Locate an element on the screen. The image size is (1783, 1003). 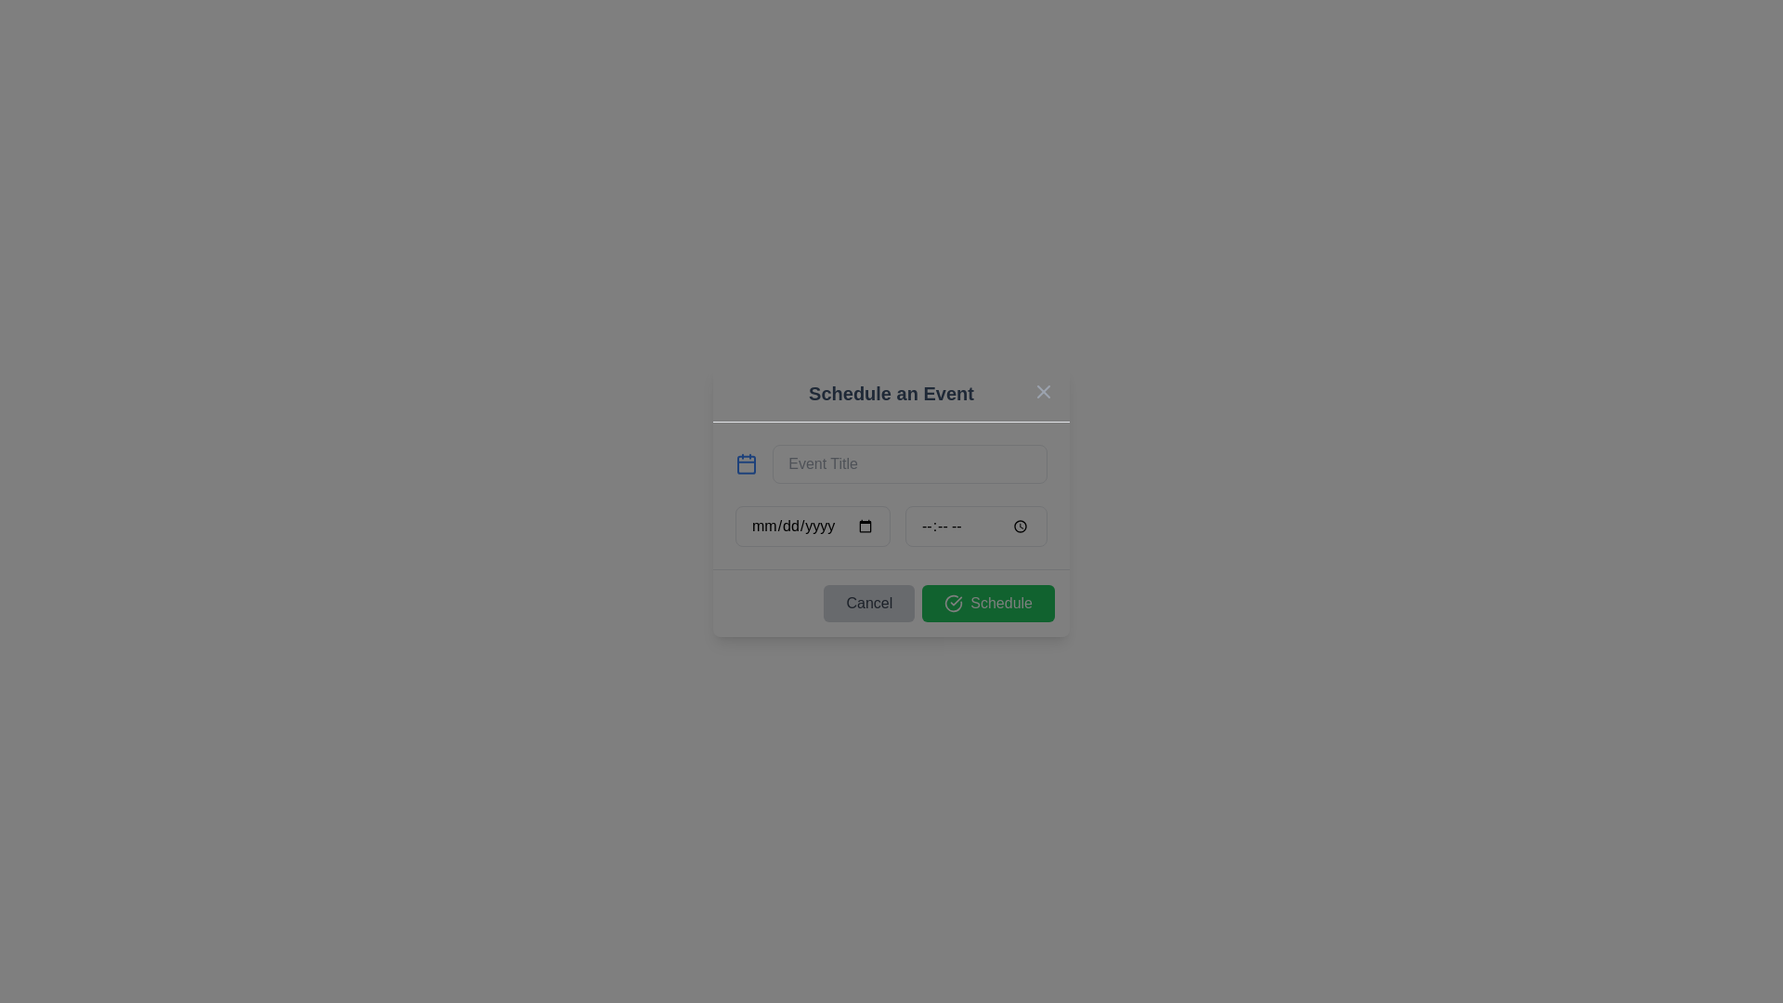
the cancel button located in the lower-right side of the modal is located at coordinates (868, 604).